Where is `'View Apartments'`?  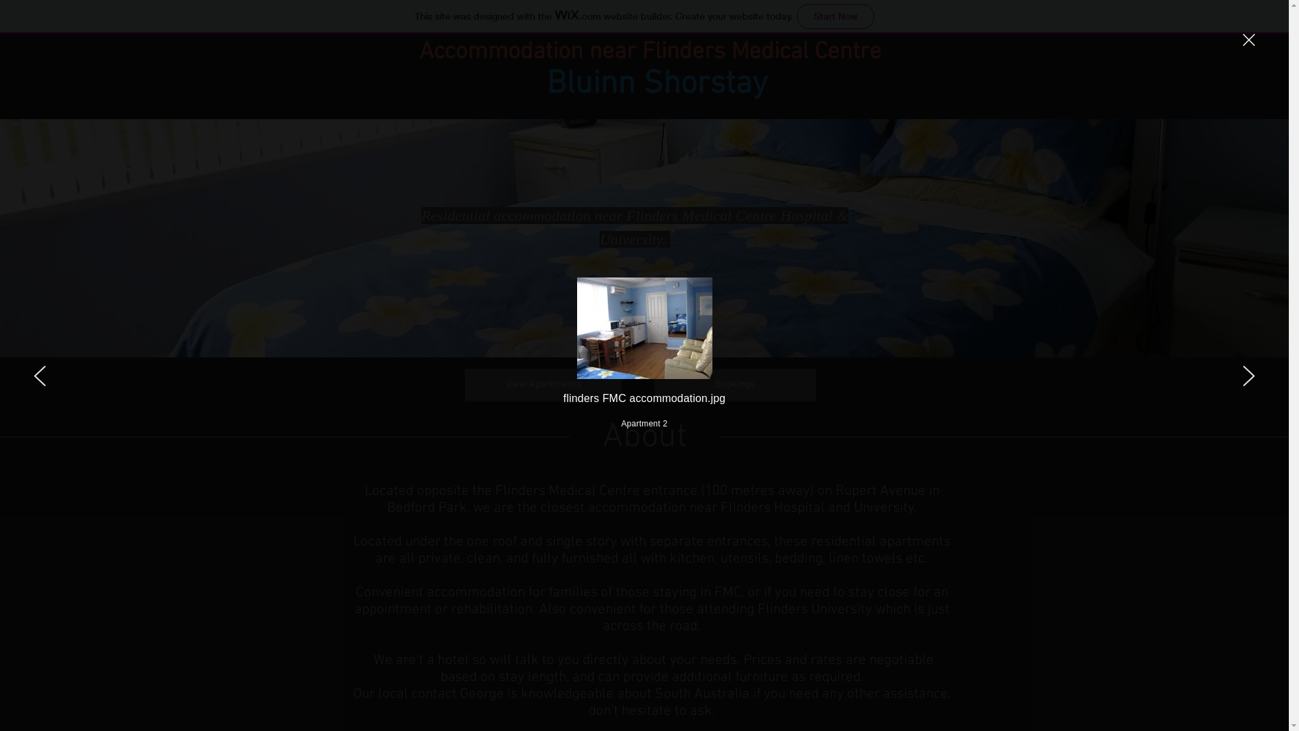 'View Apartments' is located at coordinates (542, 384).